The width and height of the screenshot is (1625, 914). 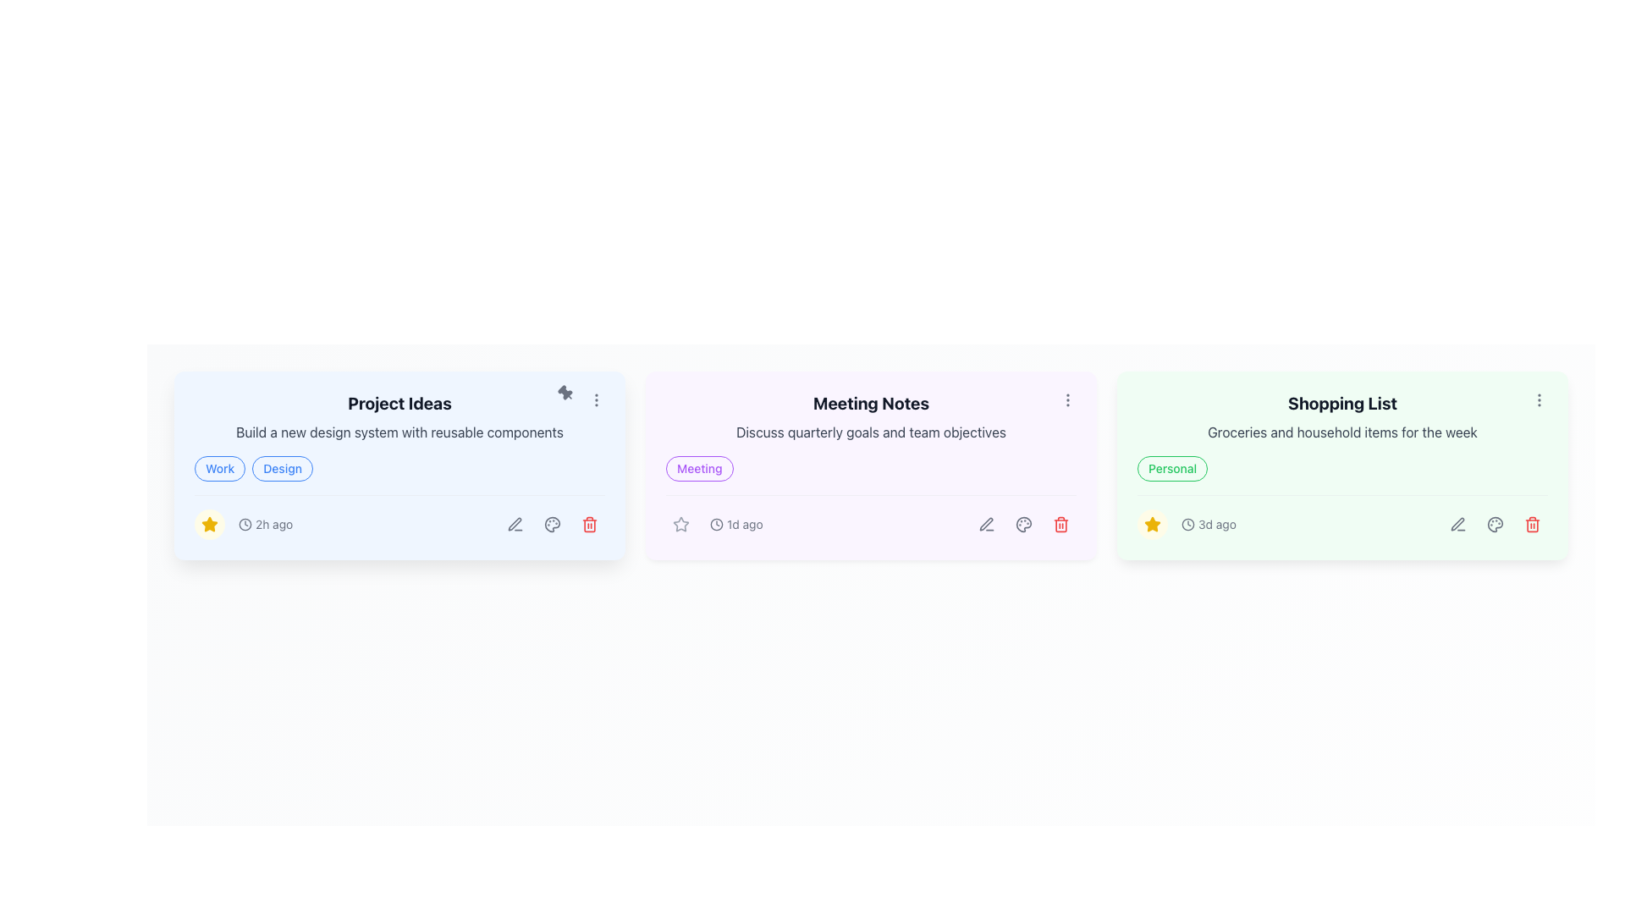 What do you see at coordinates (1495, 524) in the screenshot?
I see `the circular painter's palette icon located in the bottom section of the third card labeled 'Shopping List'` at bounding box center [1495, 524].